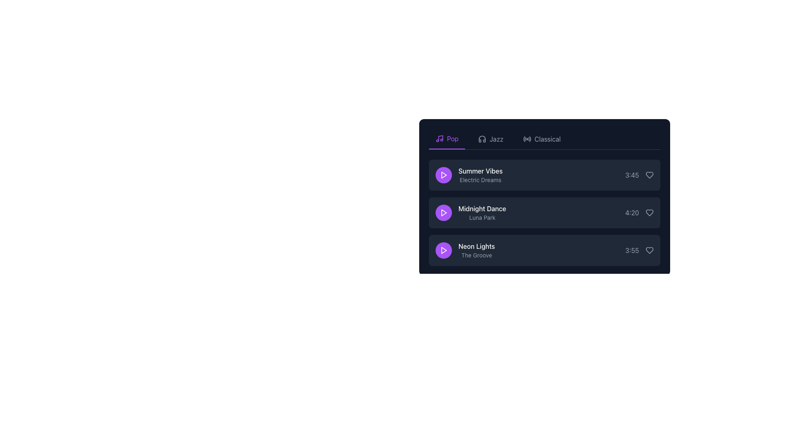 This screenshot has height=442, width=786. What do you see at coordinates (480, 175) in the screenshot?
I see `text displayed in the title ('Summer Vibes') and subtitle ('Electric Dreams') of the audio track within the music playlist interface, located in the first row of the list` at bounding box center [480, 175].